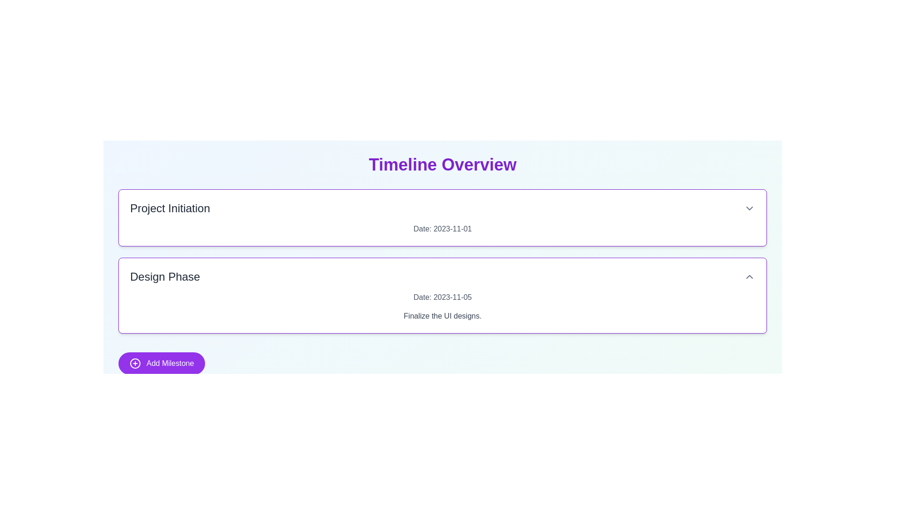 This screenshot has width=899, height=506. I want to click on the static text element displaying 'Design Phase', which is located below the 'Project Initiation' section in the 'Timeline Overview' interface, so click(165, 276).